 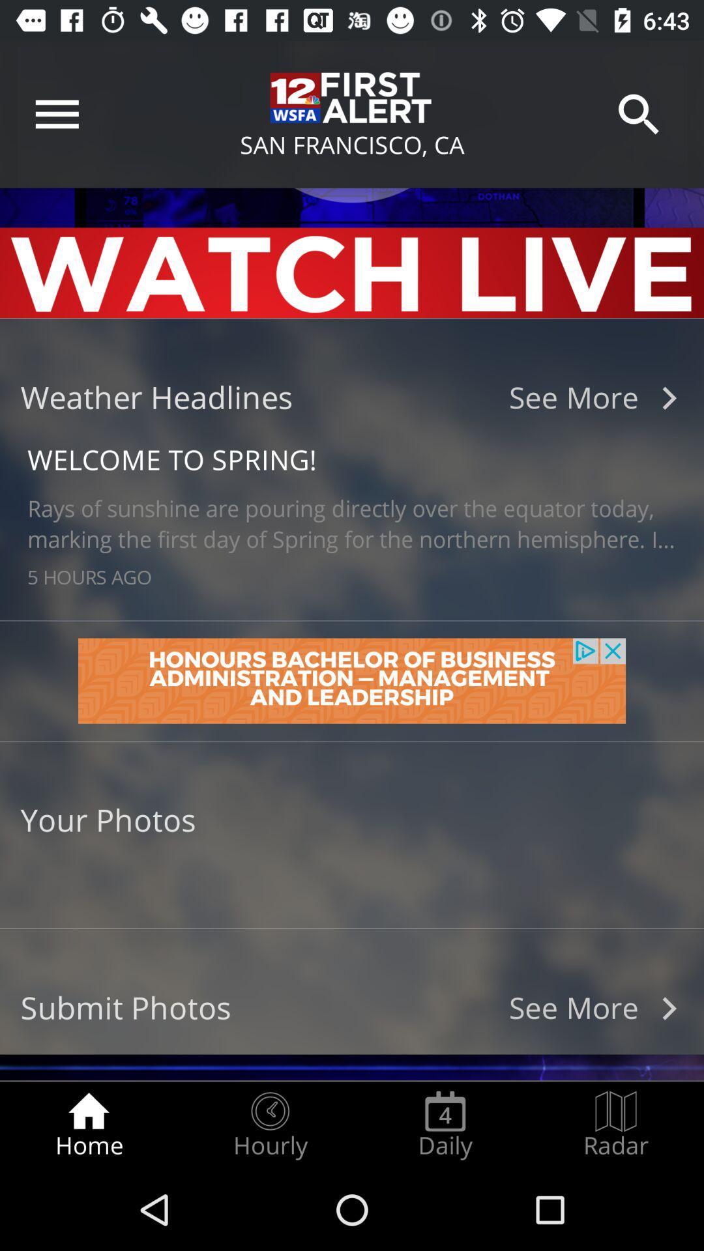 I want to click on the radio button next to hourly icon, so click(x=88, y=1125).